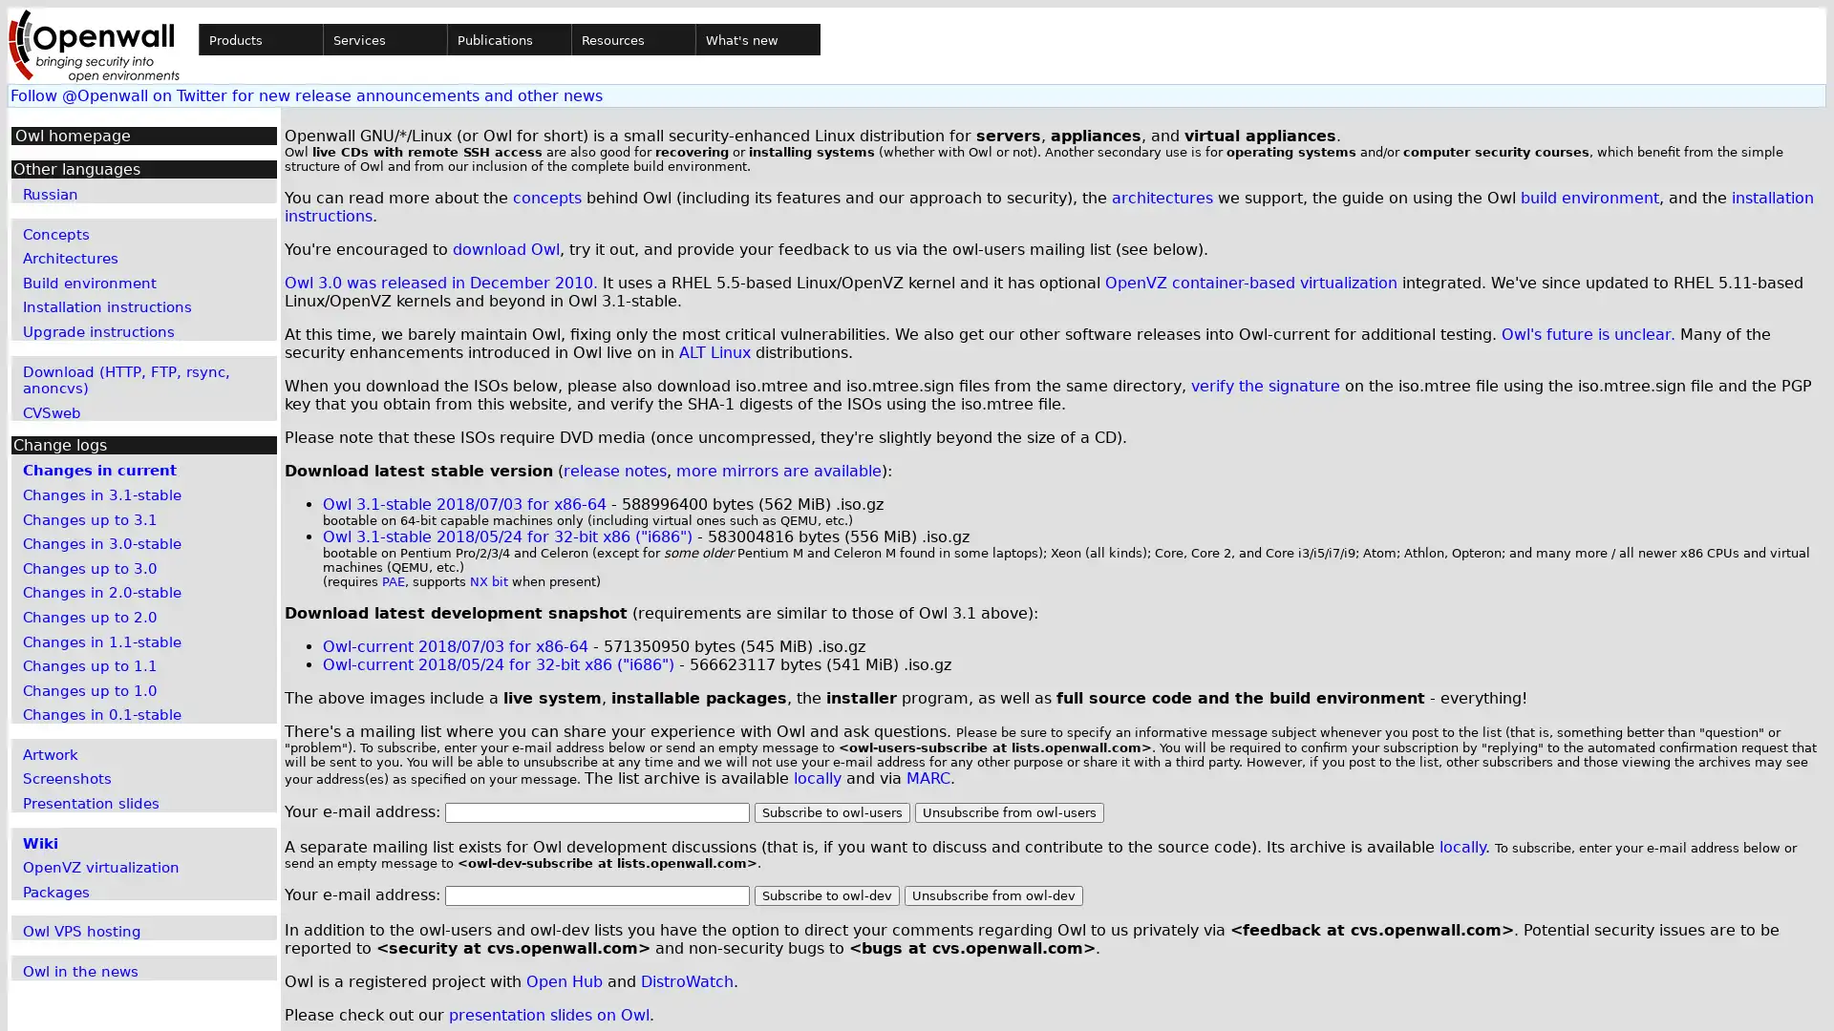  I want to click on Unsubscribe from owl-users, so click(1008, 812).